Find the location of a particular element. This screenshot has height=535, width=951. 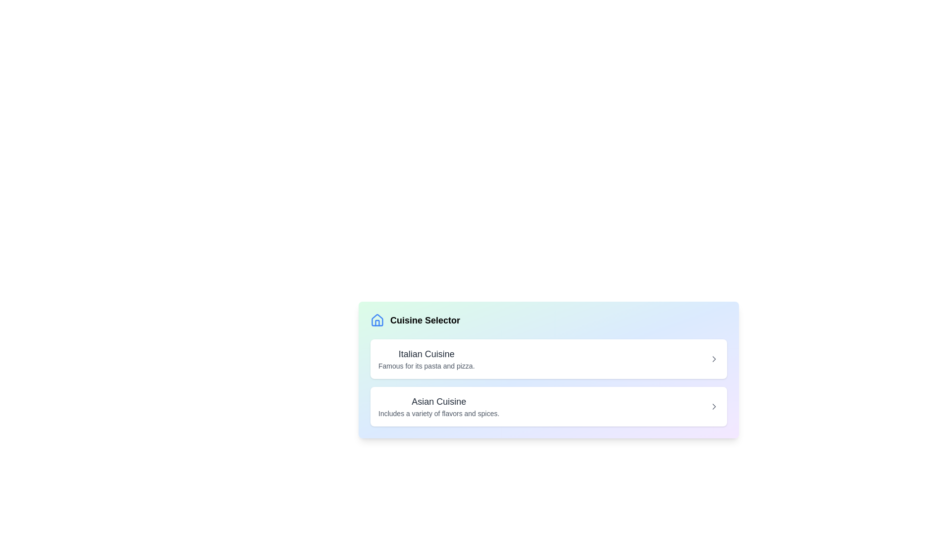

text content located below the 'Asian Cuisine' heading, which provides a description associated with this category is located at coordinates (438, 413).